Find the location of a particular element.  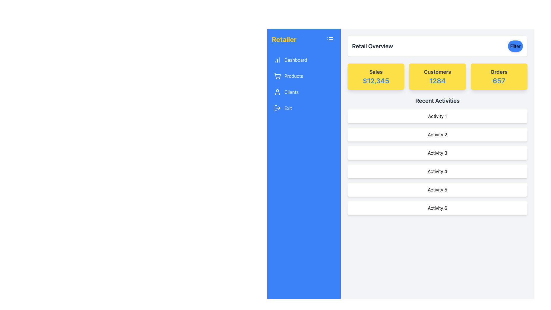

the 'Activity 6' list item located at the bottom of the 'Recent Activities' section is located at coordinates (437, 208).